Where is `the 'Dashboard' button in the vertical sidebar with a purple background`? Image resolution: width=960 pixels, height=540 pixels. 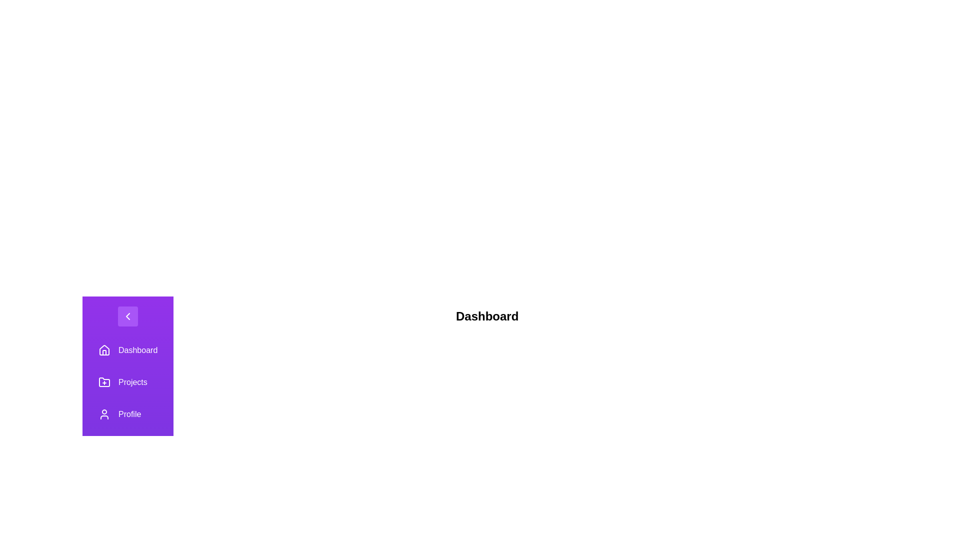 the 'Dashboard' button in the vertical sidebar with a purple background is located at coordinates (127, 350).